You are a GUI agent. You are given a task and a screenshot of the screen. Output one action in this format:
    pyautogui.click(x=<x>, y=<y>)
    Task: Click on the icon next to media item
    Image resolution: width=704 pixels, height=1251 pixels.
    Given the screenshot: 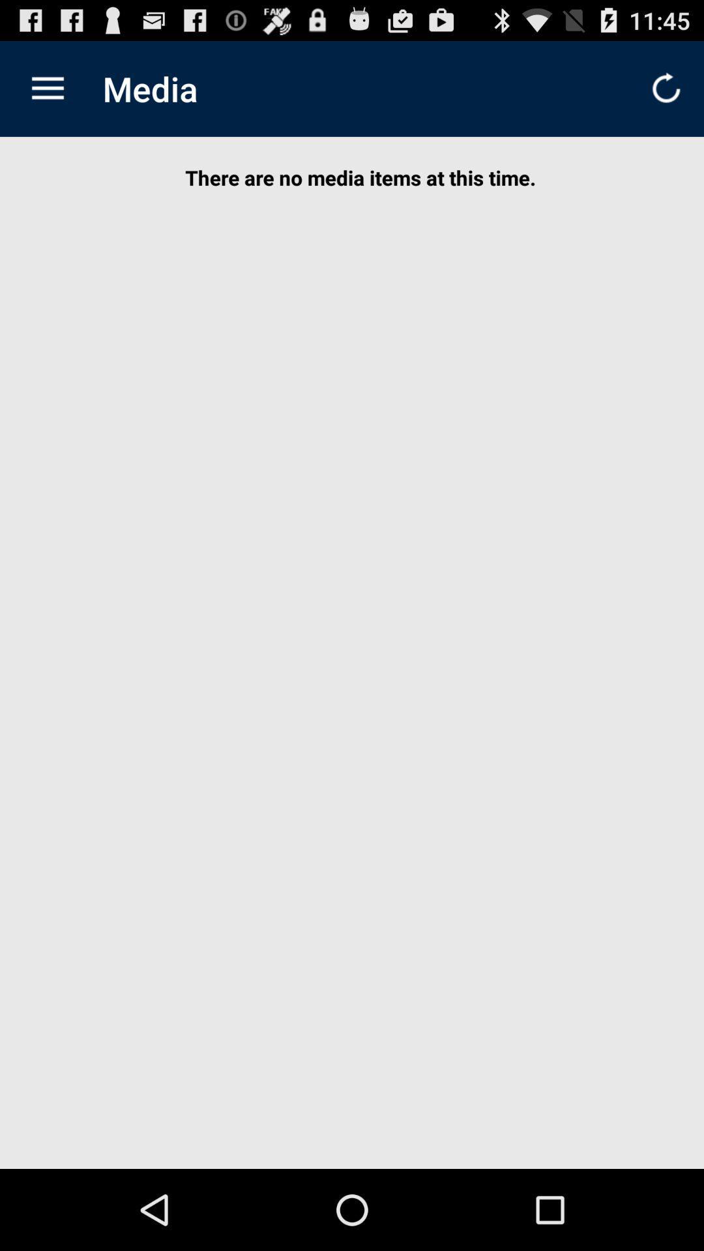 What is the action you would take?
    pyautogui.click(x=47, y=88)
    